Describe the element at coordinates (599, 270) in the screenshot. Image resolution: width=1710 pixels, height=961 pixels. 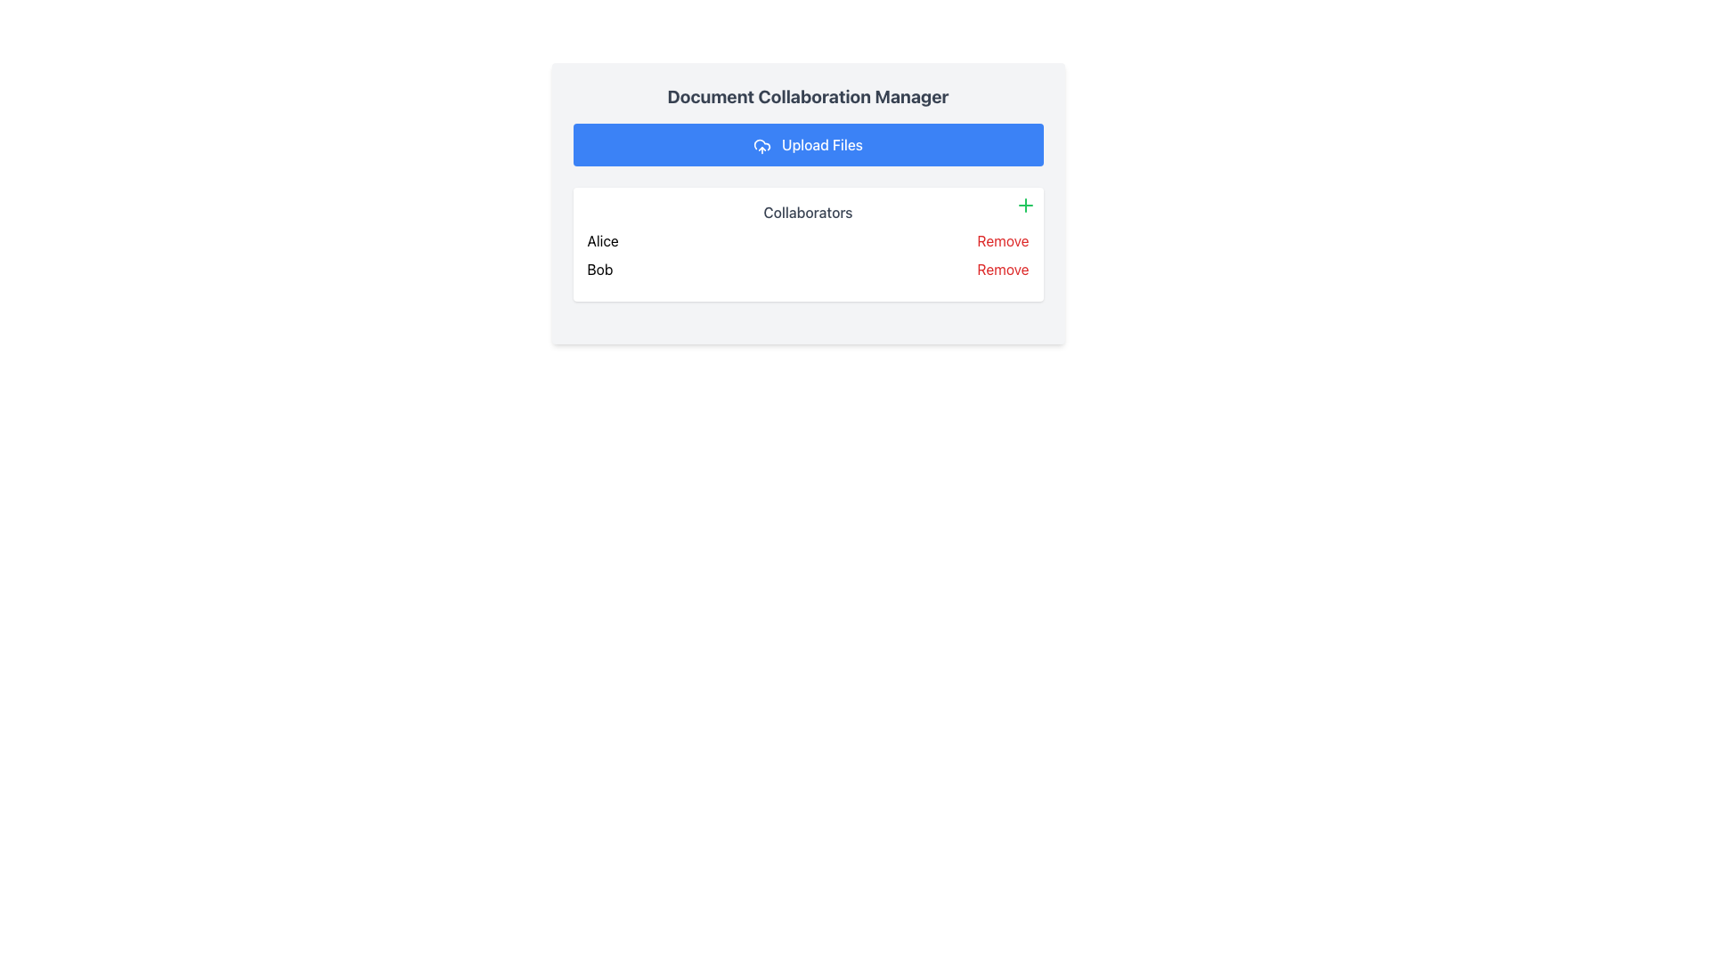
I see `the text label representing the collaborator 'Bob' which is located to the left of the 'Remove' button` at that location.